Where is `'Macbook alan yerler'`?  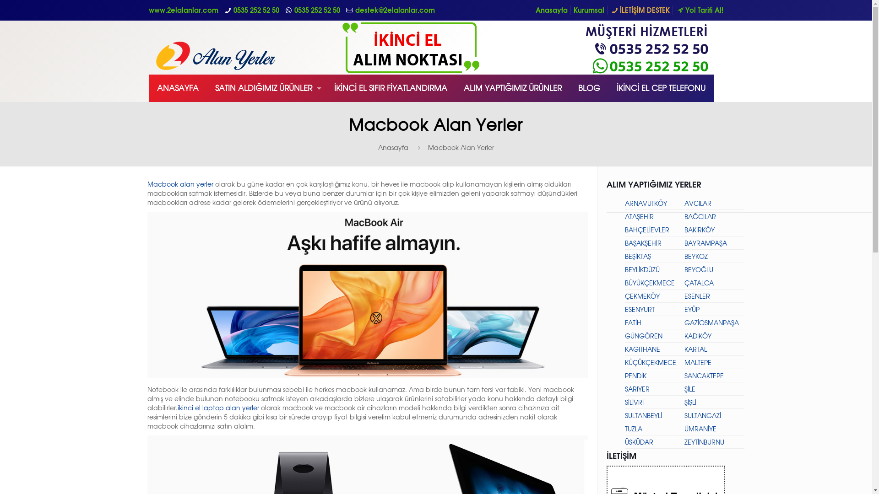
'Macbook alan yerler' is located at coordinates (180, 184).